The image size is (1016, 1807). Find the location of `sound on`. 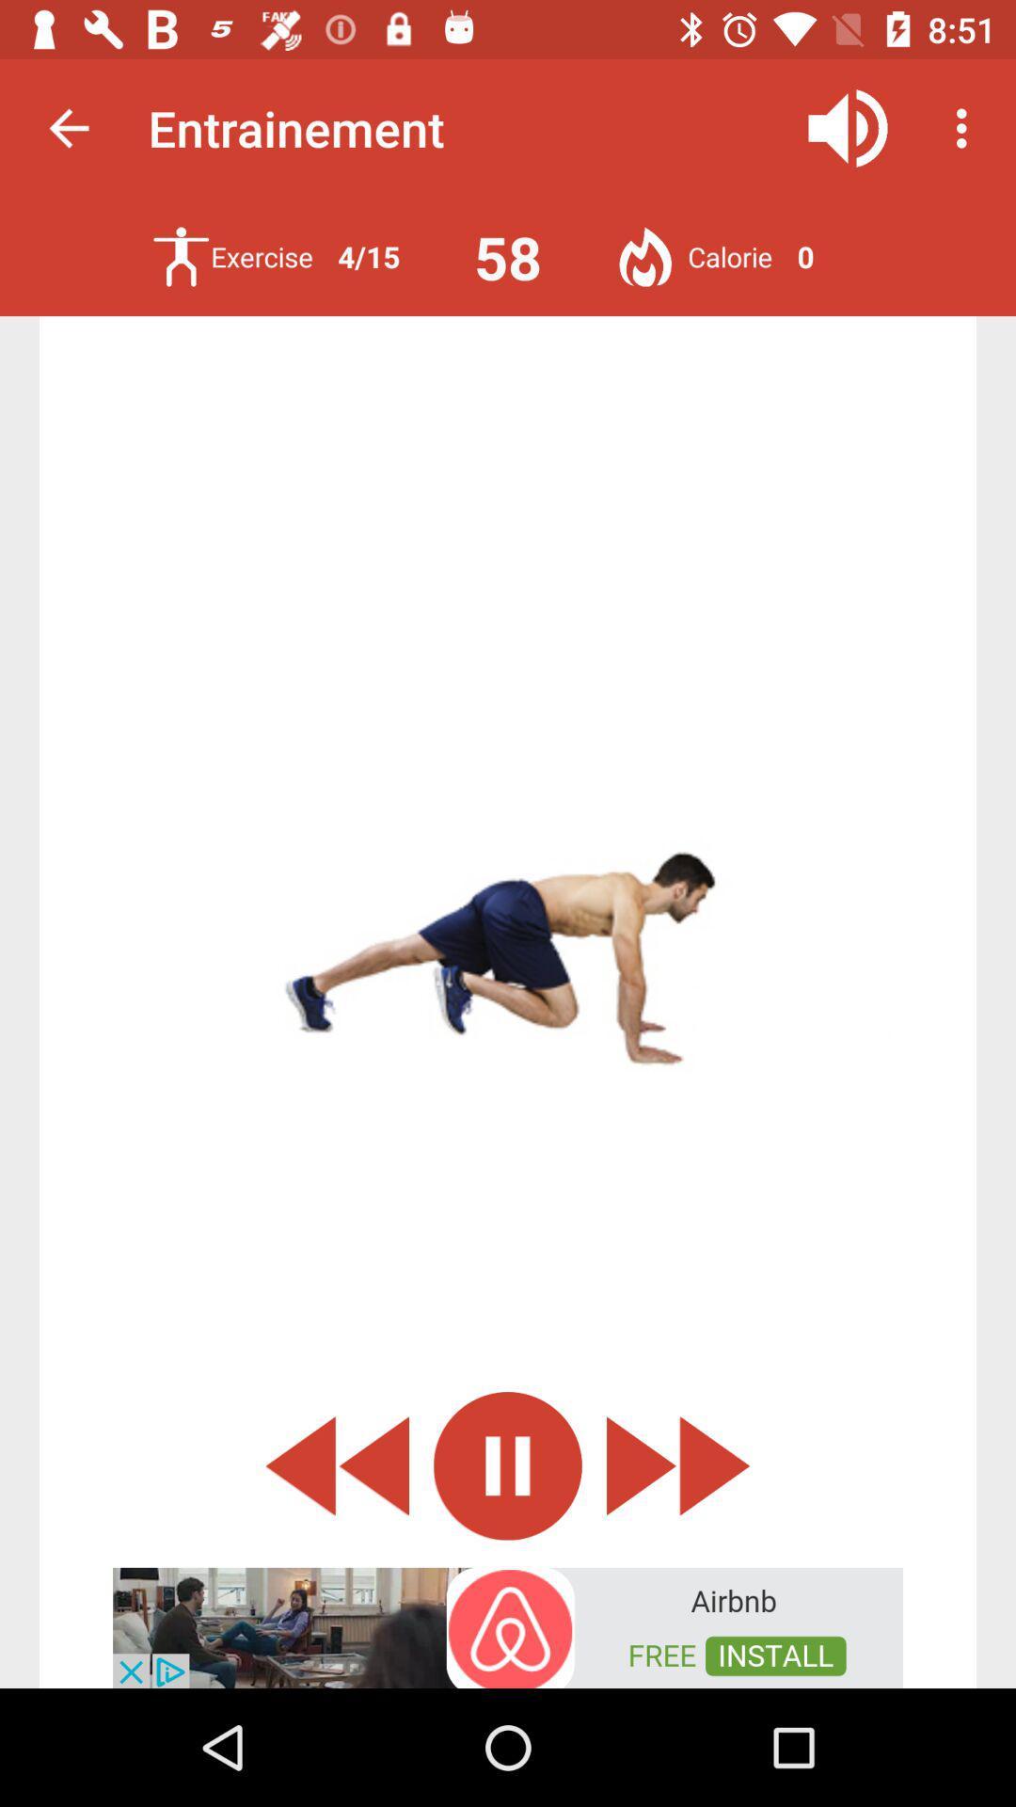

sound on is located at coordinates (848, 127).